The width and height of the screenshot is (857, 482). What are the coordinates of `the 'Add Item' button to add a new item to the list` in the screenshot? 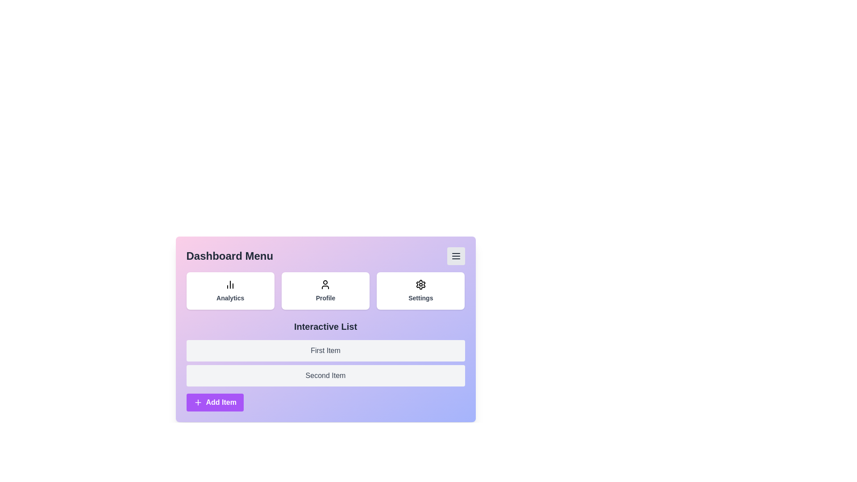 It's located at (215, 403).